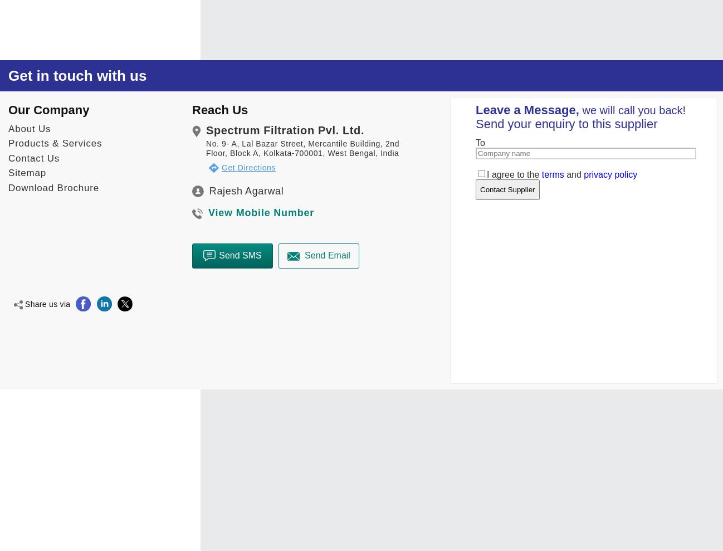  Describe the element at coordinates (553, 174) in the screenshot. I see `'terms'` at that location.